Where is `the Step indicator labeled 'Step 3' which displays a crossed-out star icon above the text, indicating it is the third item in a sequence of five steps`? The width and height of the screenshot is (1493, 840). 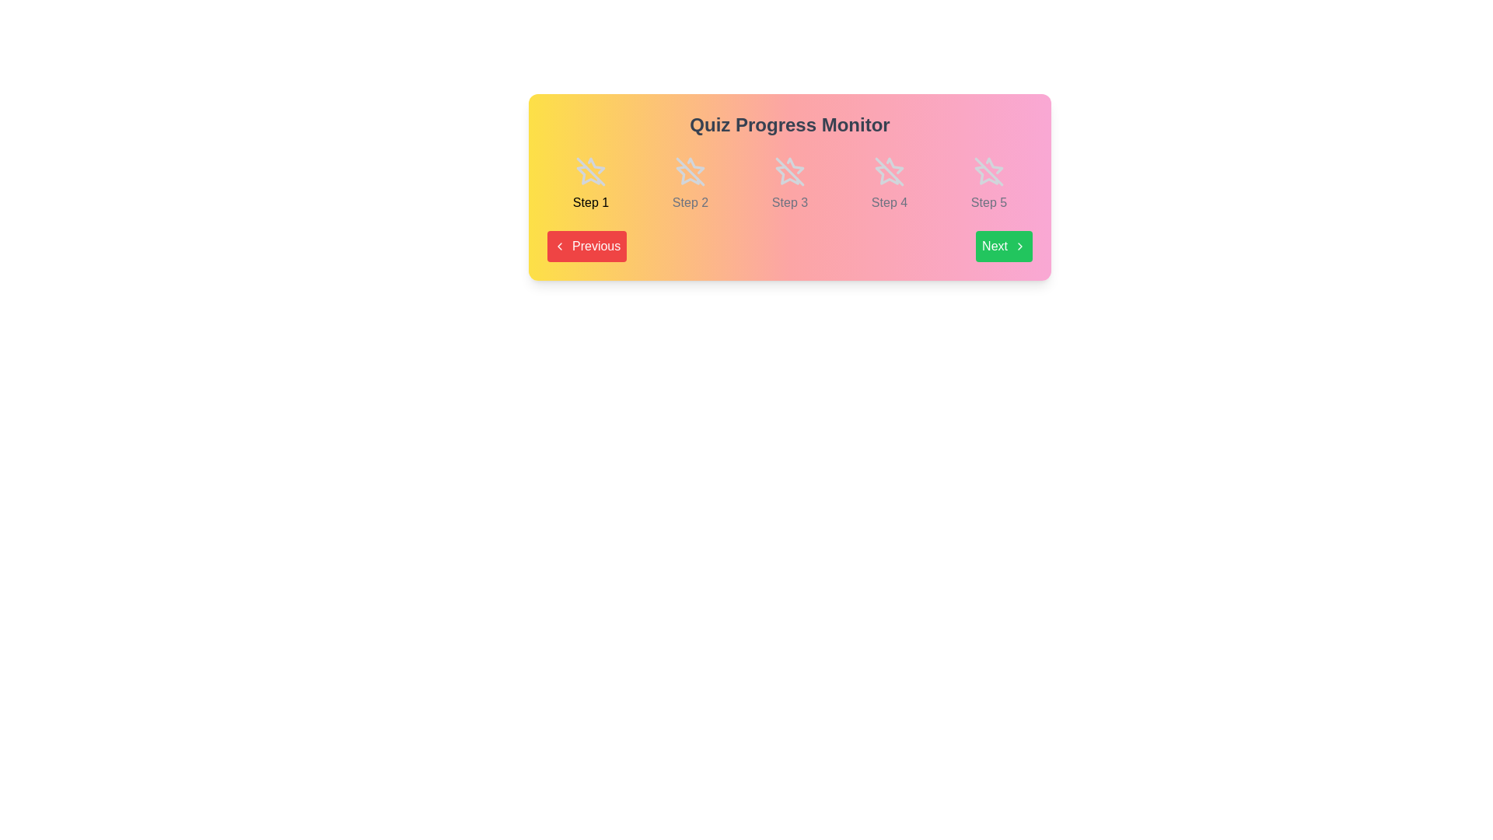
the Step indicator labeled 'Step 3' which displays a crossed-out star icon above the text, indicating it is the third item in a sequence of five steps is located at coordinates (790, 183).